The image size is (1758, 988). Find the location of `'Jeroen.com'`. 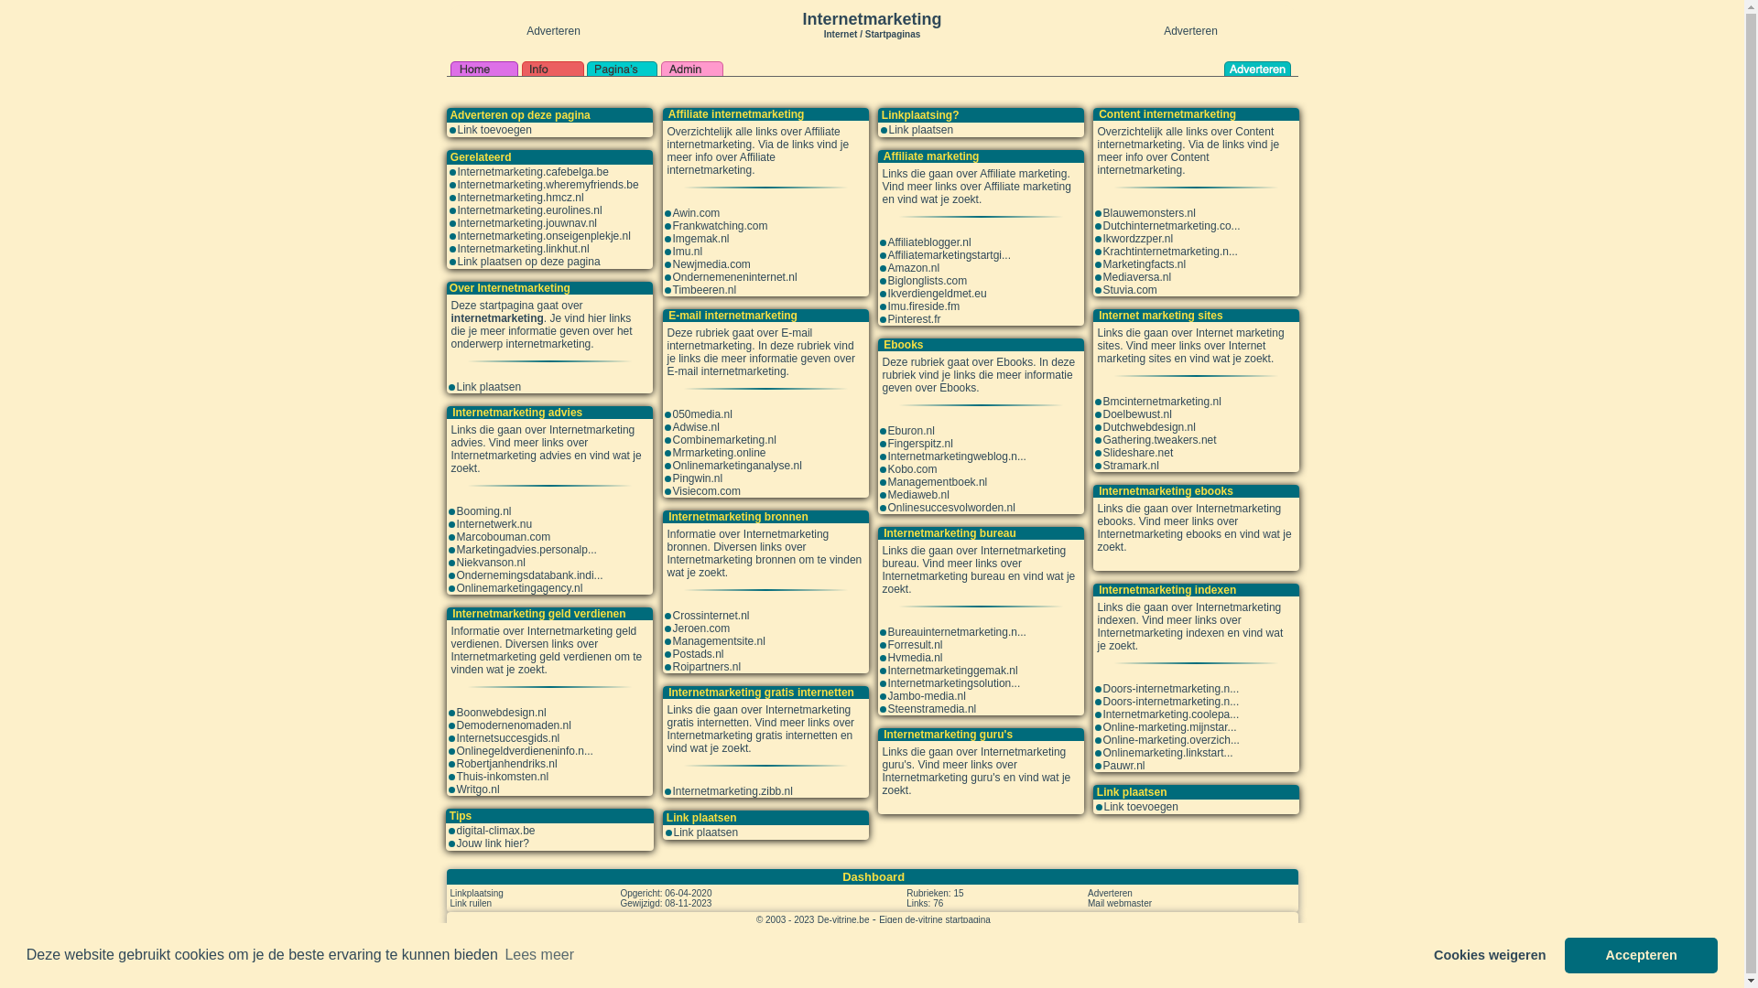

'Jeroen.com' is located at coordinates (700, 627).